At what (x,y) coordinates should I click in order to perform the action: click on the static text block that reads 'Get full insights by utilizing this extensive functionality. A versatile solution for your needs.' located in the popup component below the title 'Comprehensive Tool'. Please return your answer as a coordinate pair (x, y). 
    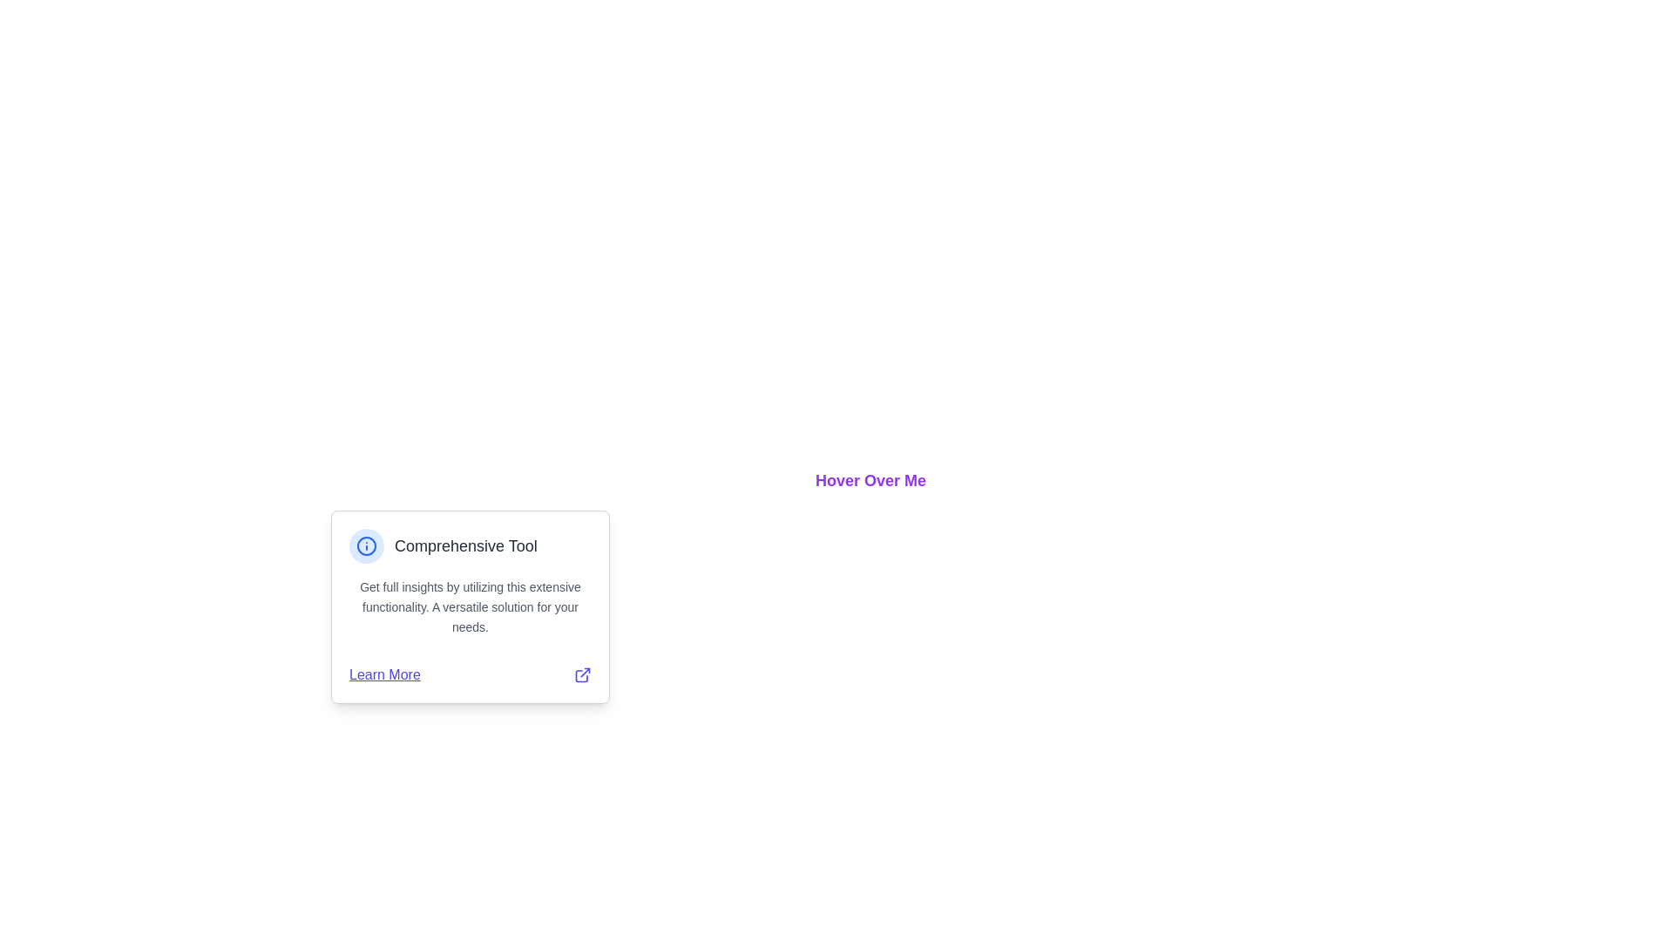
    Looking at the image, I should click on (470, 606).